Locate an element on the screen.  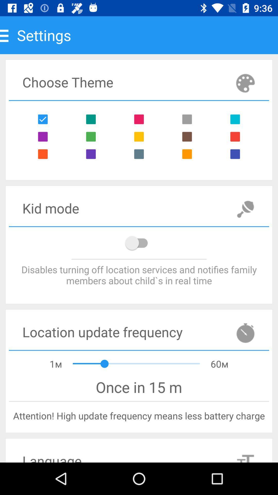
location notifications on is located at coordinates (139, 243).